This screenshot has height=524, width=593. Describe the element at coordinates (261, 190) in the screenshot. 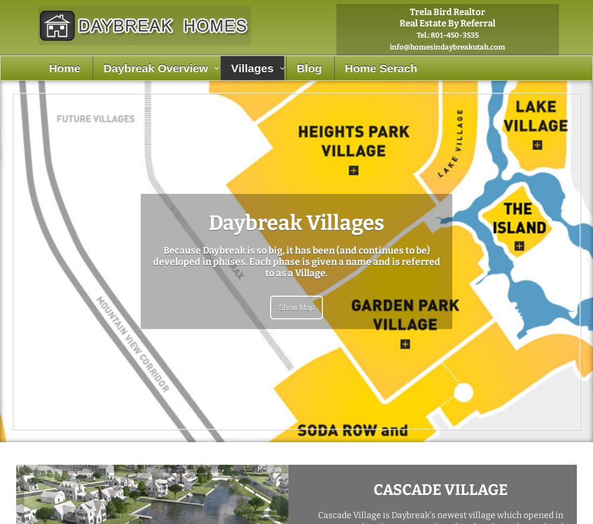

I see `'Garden Park Village'` at that location.